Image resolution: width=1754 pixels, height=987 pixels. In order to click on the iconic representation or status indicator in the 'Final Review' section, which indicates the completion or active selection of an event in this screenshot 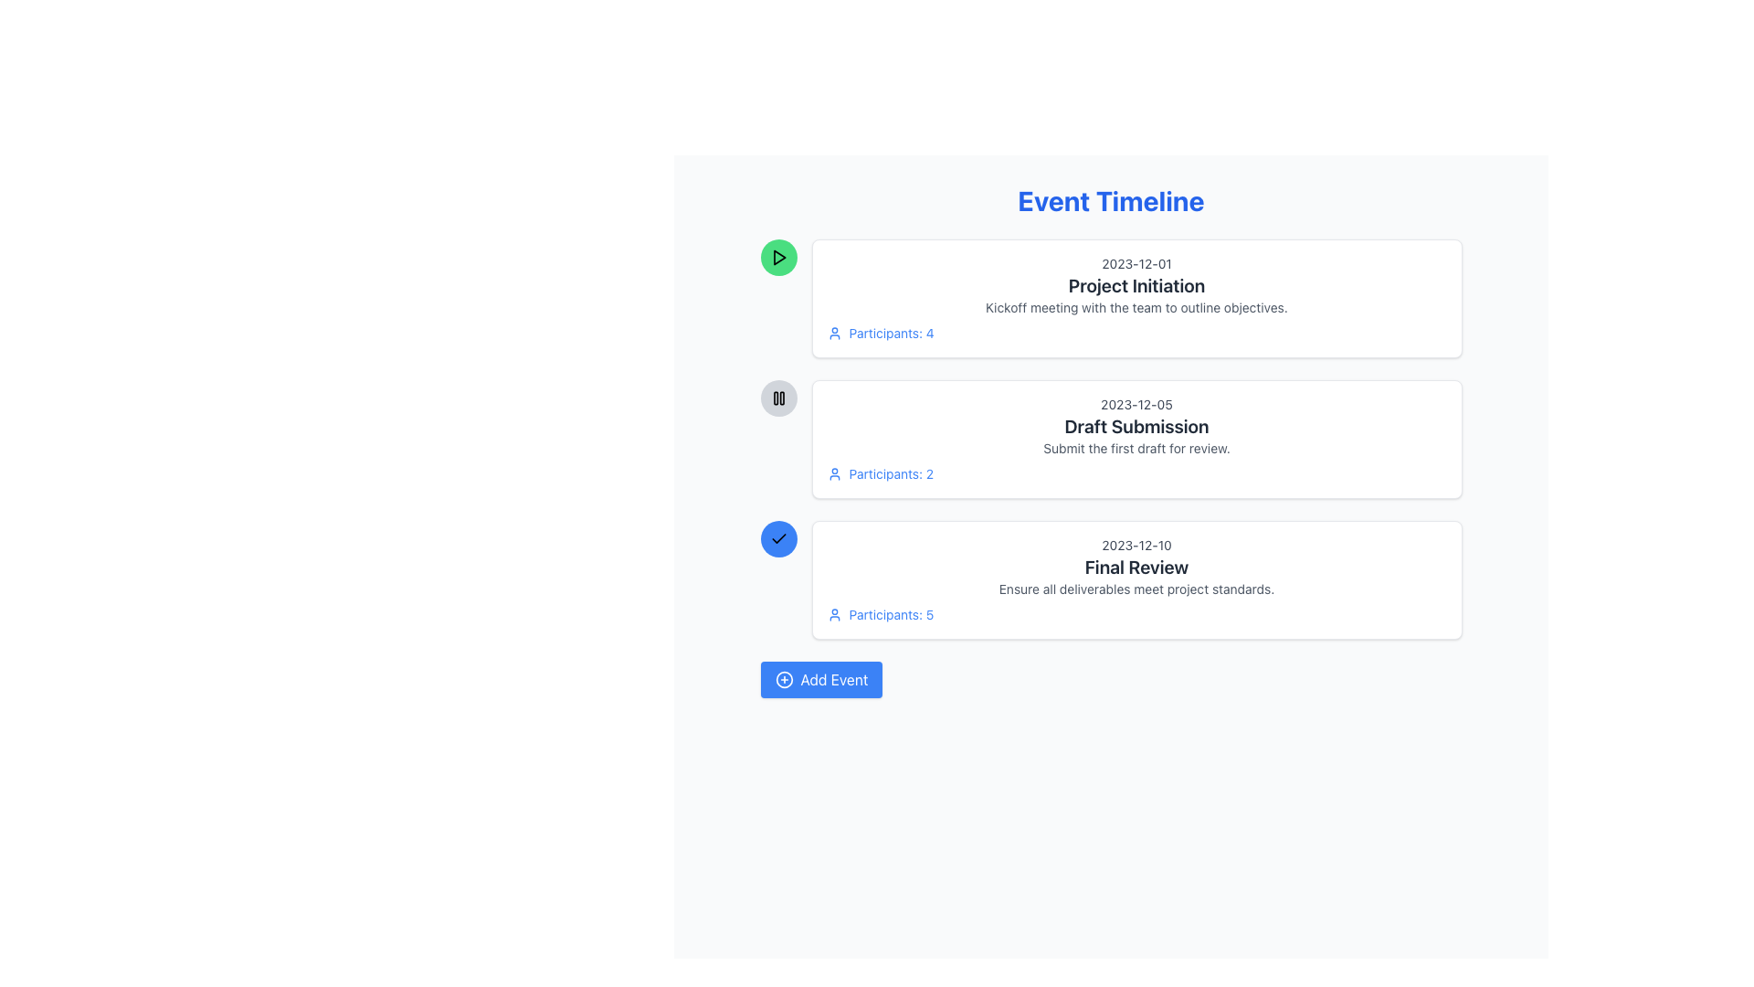, I will do `click(778, 538)`.